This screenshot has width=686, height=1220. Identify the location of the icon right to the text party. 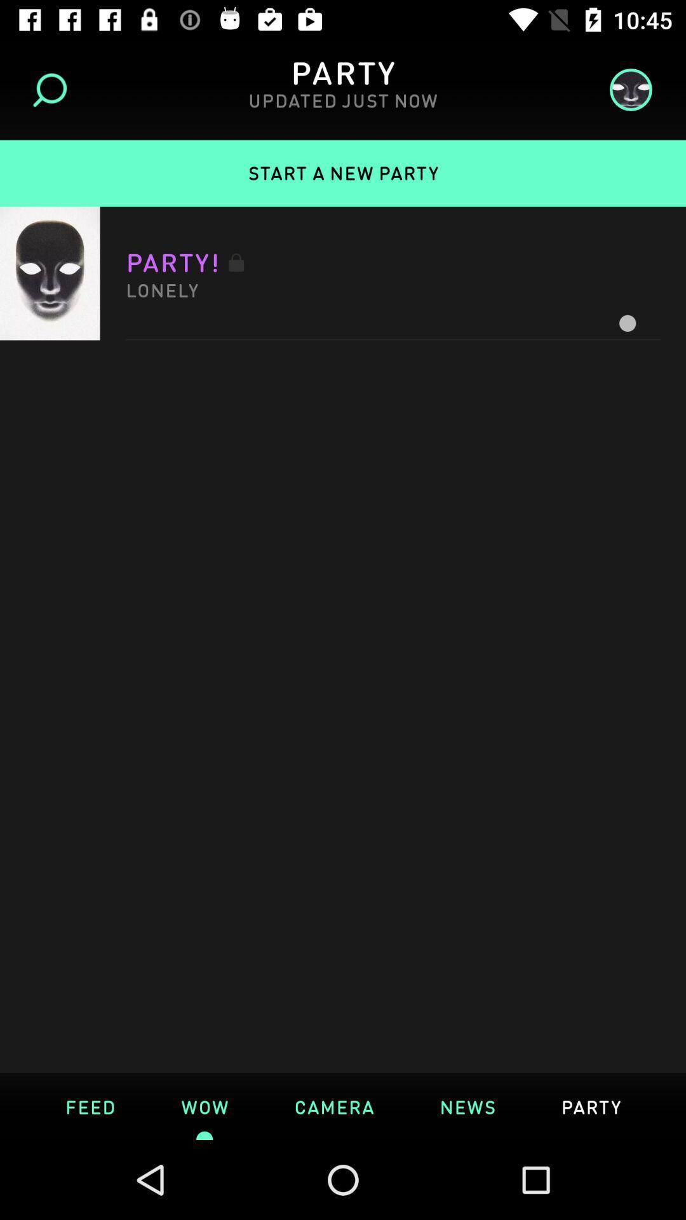
(626, 89).